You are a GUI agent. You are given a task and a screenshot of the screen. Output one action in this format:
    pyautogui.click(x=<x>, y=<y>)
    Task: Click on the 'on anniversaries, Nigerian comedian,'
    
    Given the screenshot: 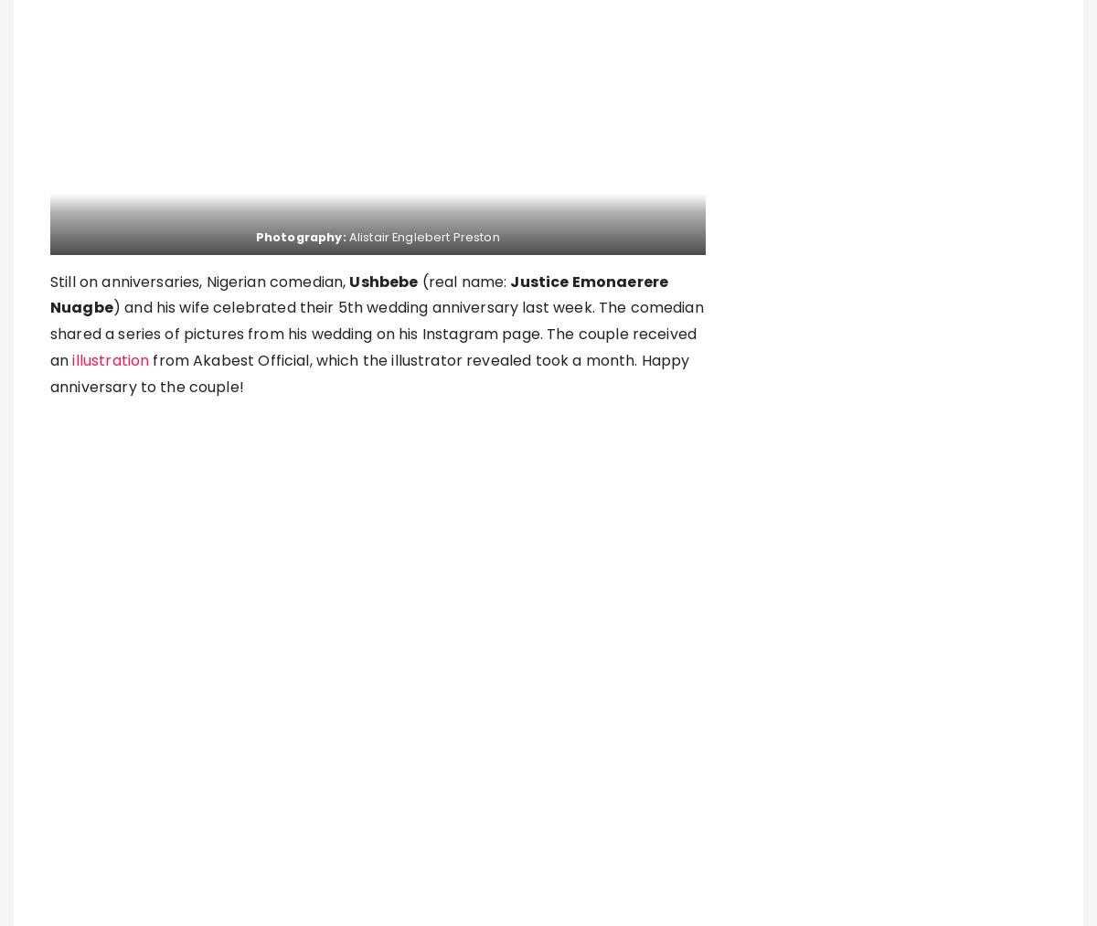 What is the action you would take?
    pyautogui.click(x=210, y=281)
    